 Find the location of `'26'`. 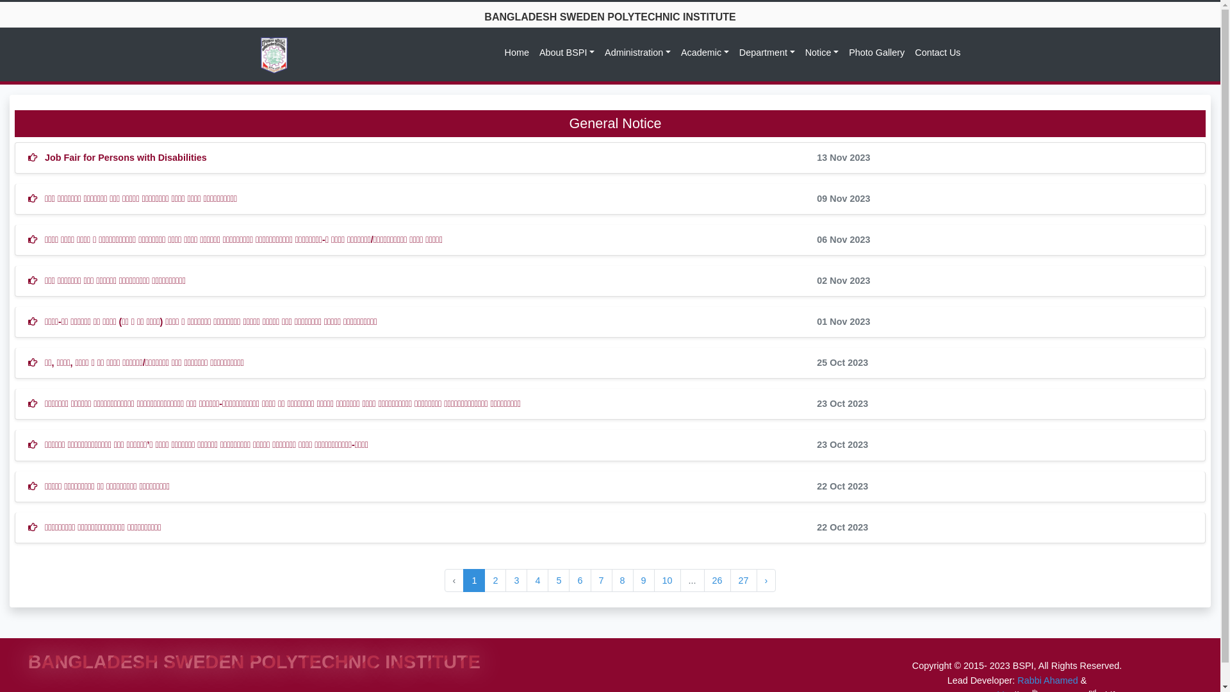

'26' is located at coordinates (716, 581).